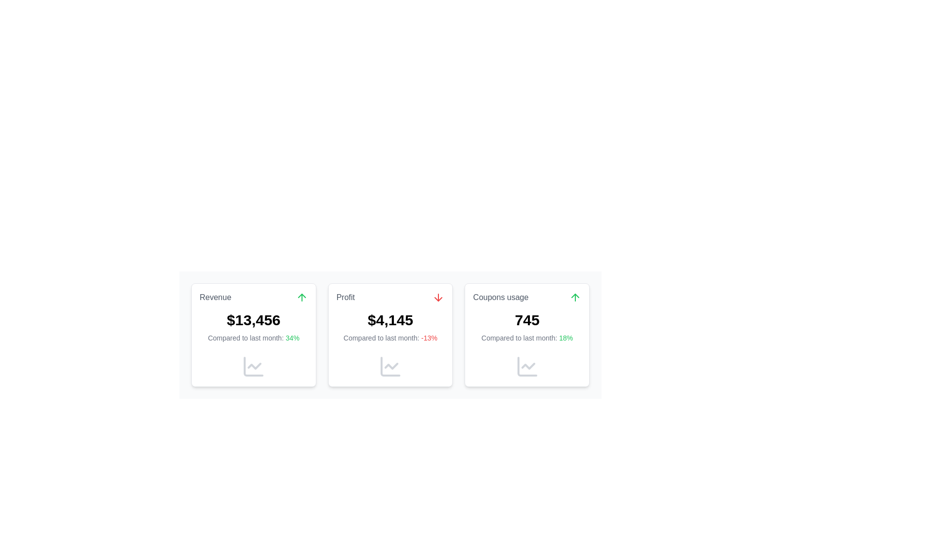  I want to click on the comparison statistics text that shows percentage change relative to the previous month, located within the 'Revenue' card beneath the main value text ($13,456), so click(254, 338).